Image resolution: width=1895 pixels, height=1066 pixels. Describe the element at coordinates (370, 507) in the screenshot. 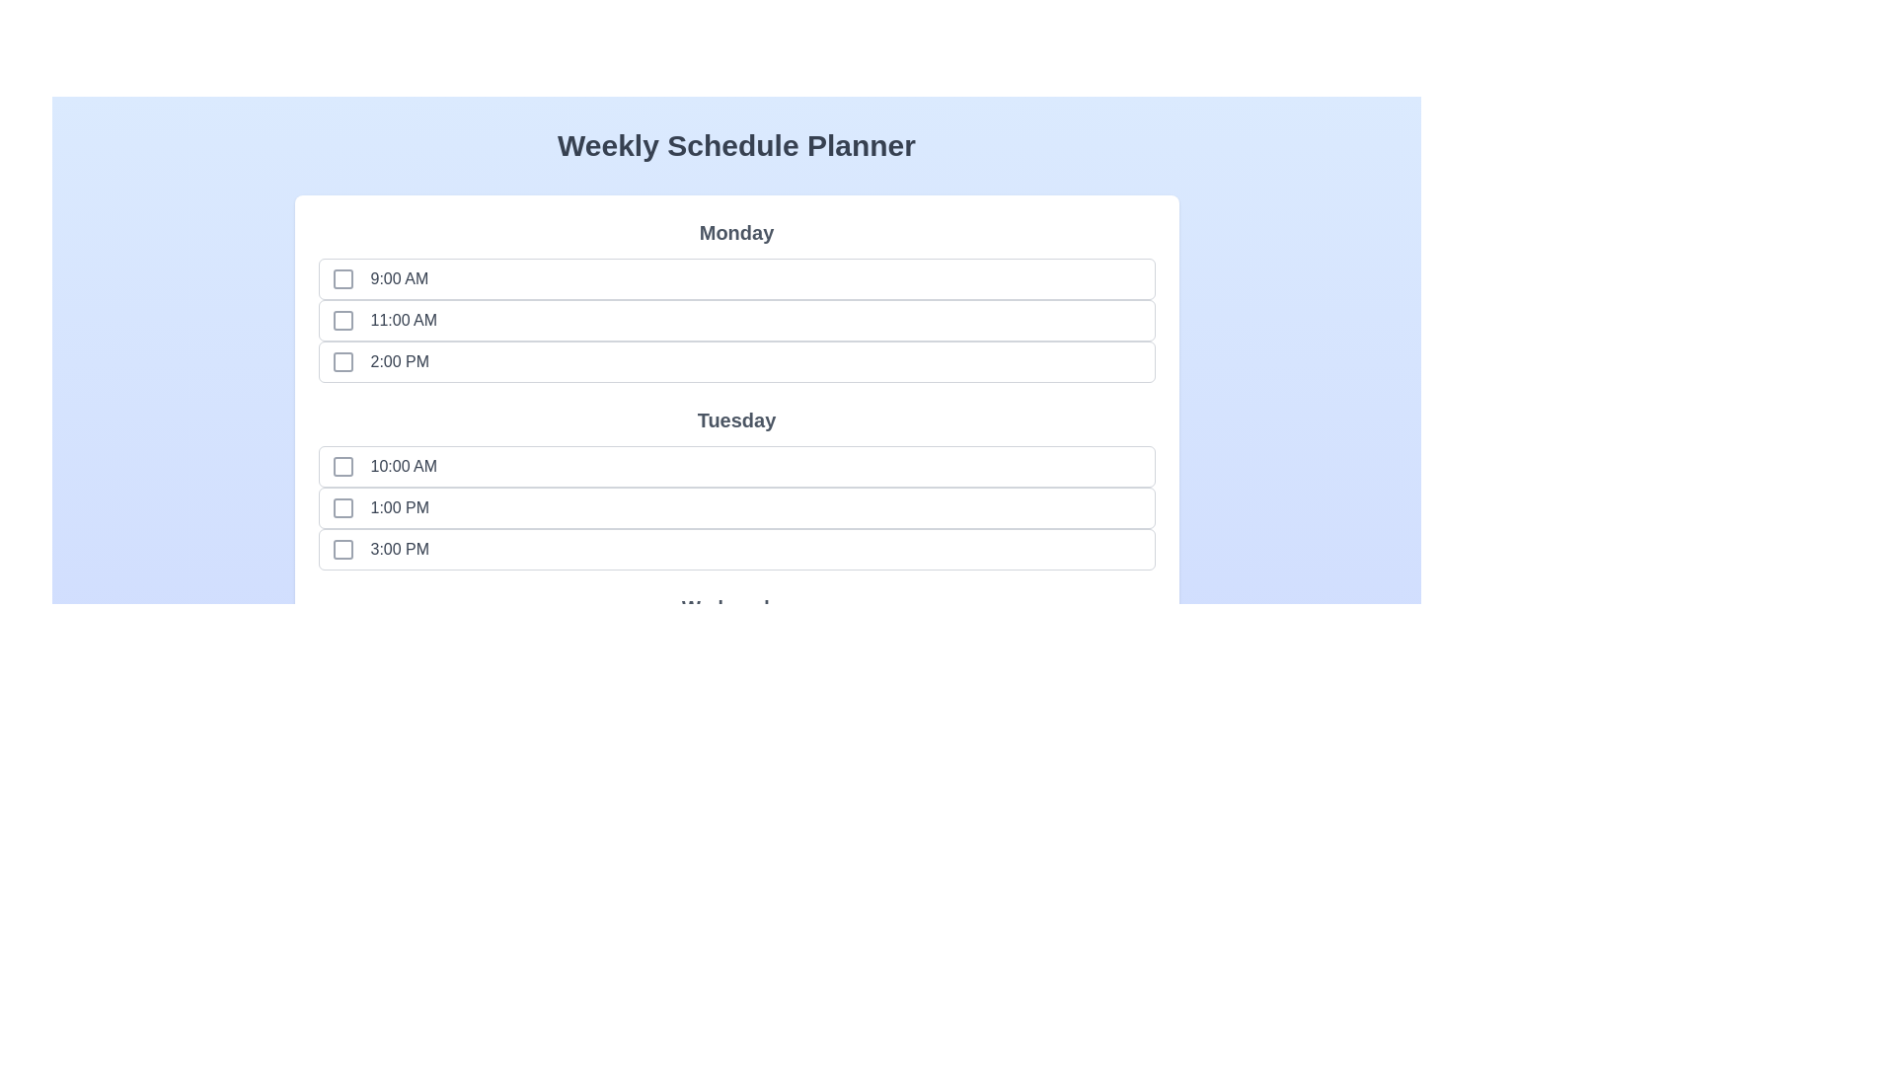

I see `the time slot labeled 1:00 PM to observe the hover effect` at that location.